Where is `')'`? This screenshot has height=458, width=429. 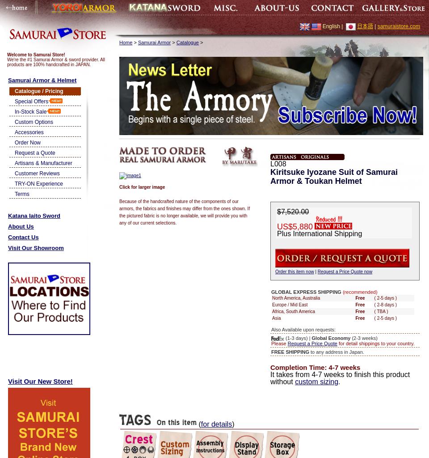 ')' is located at coordinates (232, 424).